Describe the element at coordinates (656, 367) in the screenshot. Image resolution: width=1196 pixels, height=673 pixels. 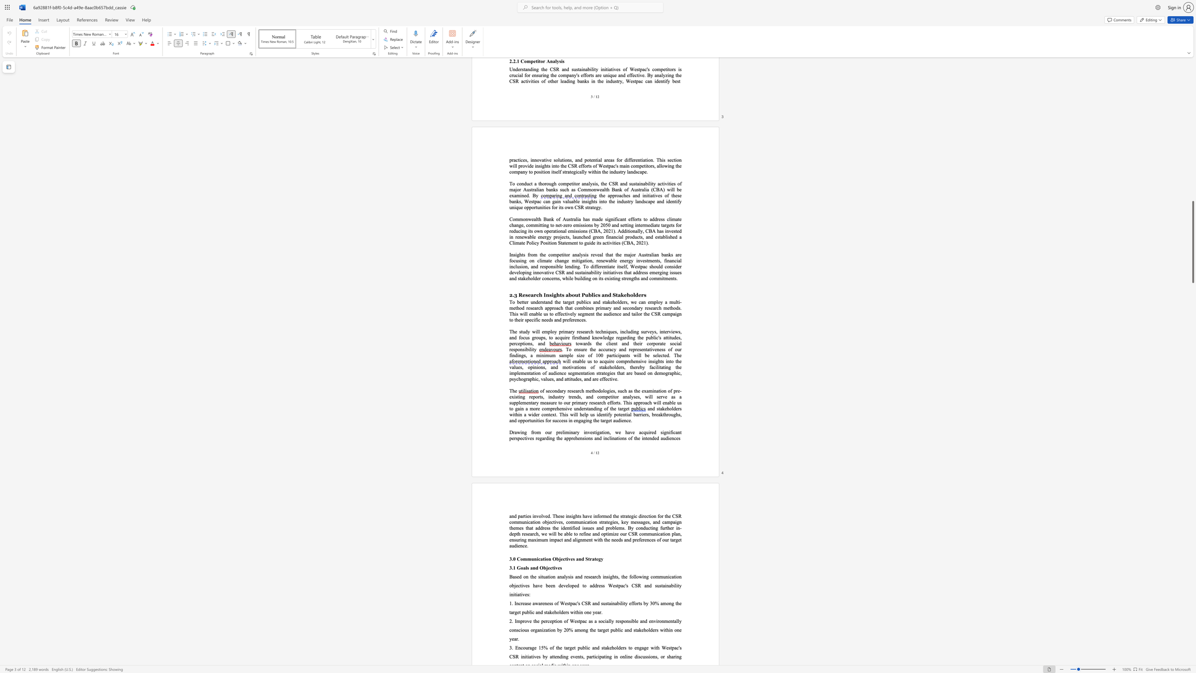
I see `the 1th character "i" in the text` at that location.